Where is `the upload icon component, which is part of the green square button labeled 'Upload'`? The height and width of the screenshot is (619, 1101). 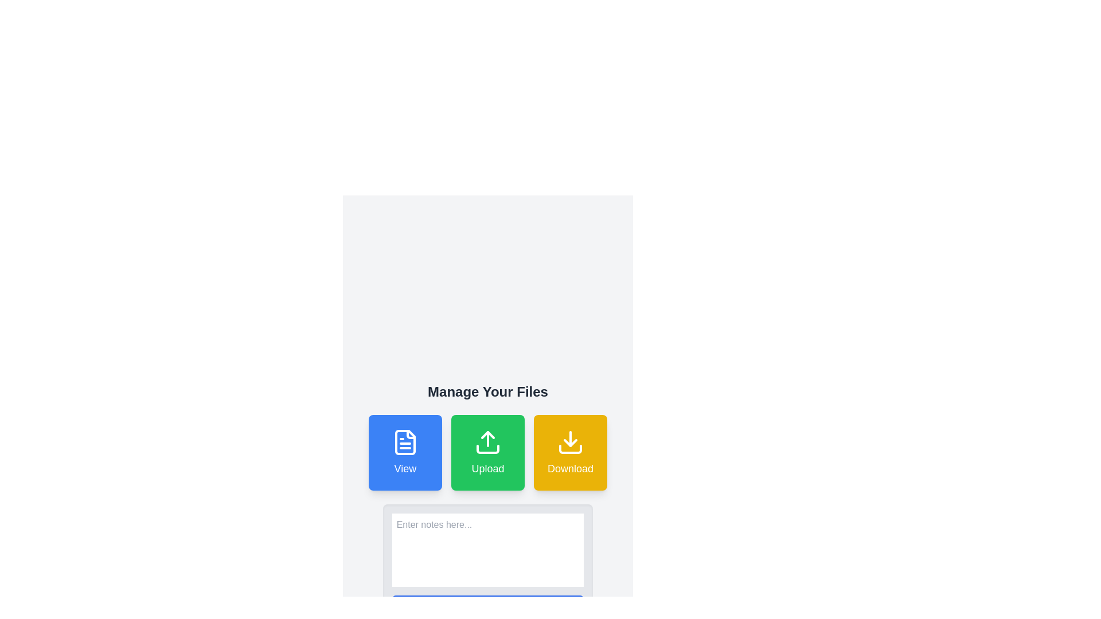 the upload icon component, which is part of the green square button labeled 'Upload' is located at coordinates (487, 448).